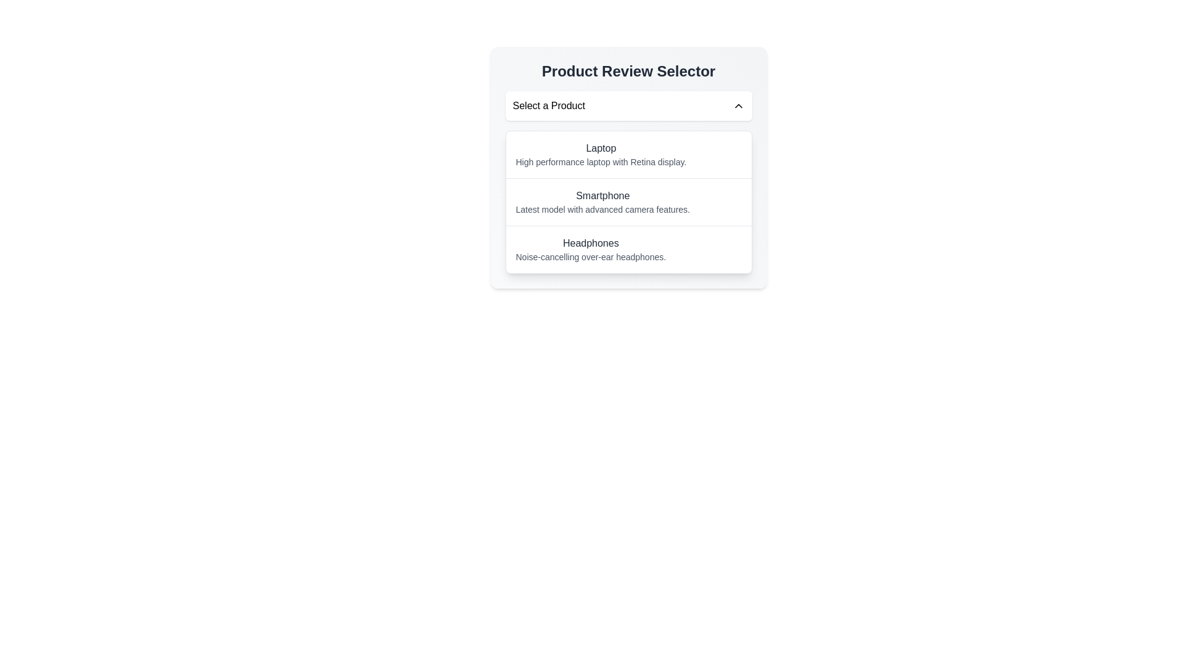 This screenshot has height=666, width=1184. I want to click on the list item labeled 'Smartphone' which displays the description 'Latest model with advanced camera features.' This item is the second option in the 'Product Review Selector' group, so click(628, 201).